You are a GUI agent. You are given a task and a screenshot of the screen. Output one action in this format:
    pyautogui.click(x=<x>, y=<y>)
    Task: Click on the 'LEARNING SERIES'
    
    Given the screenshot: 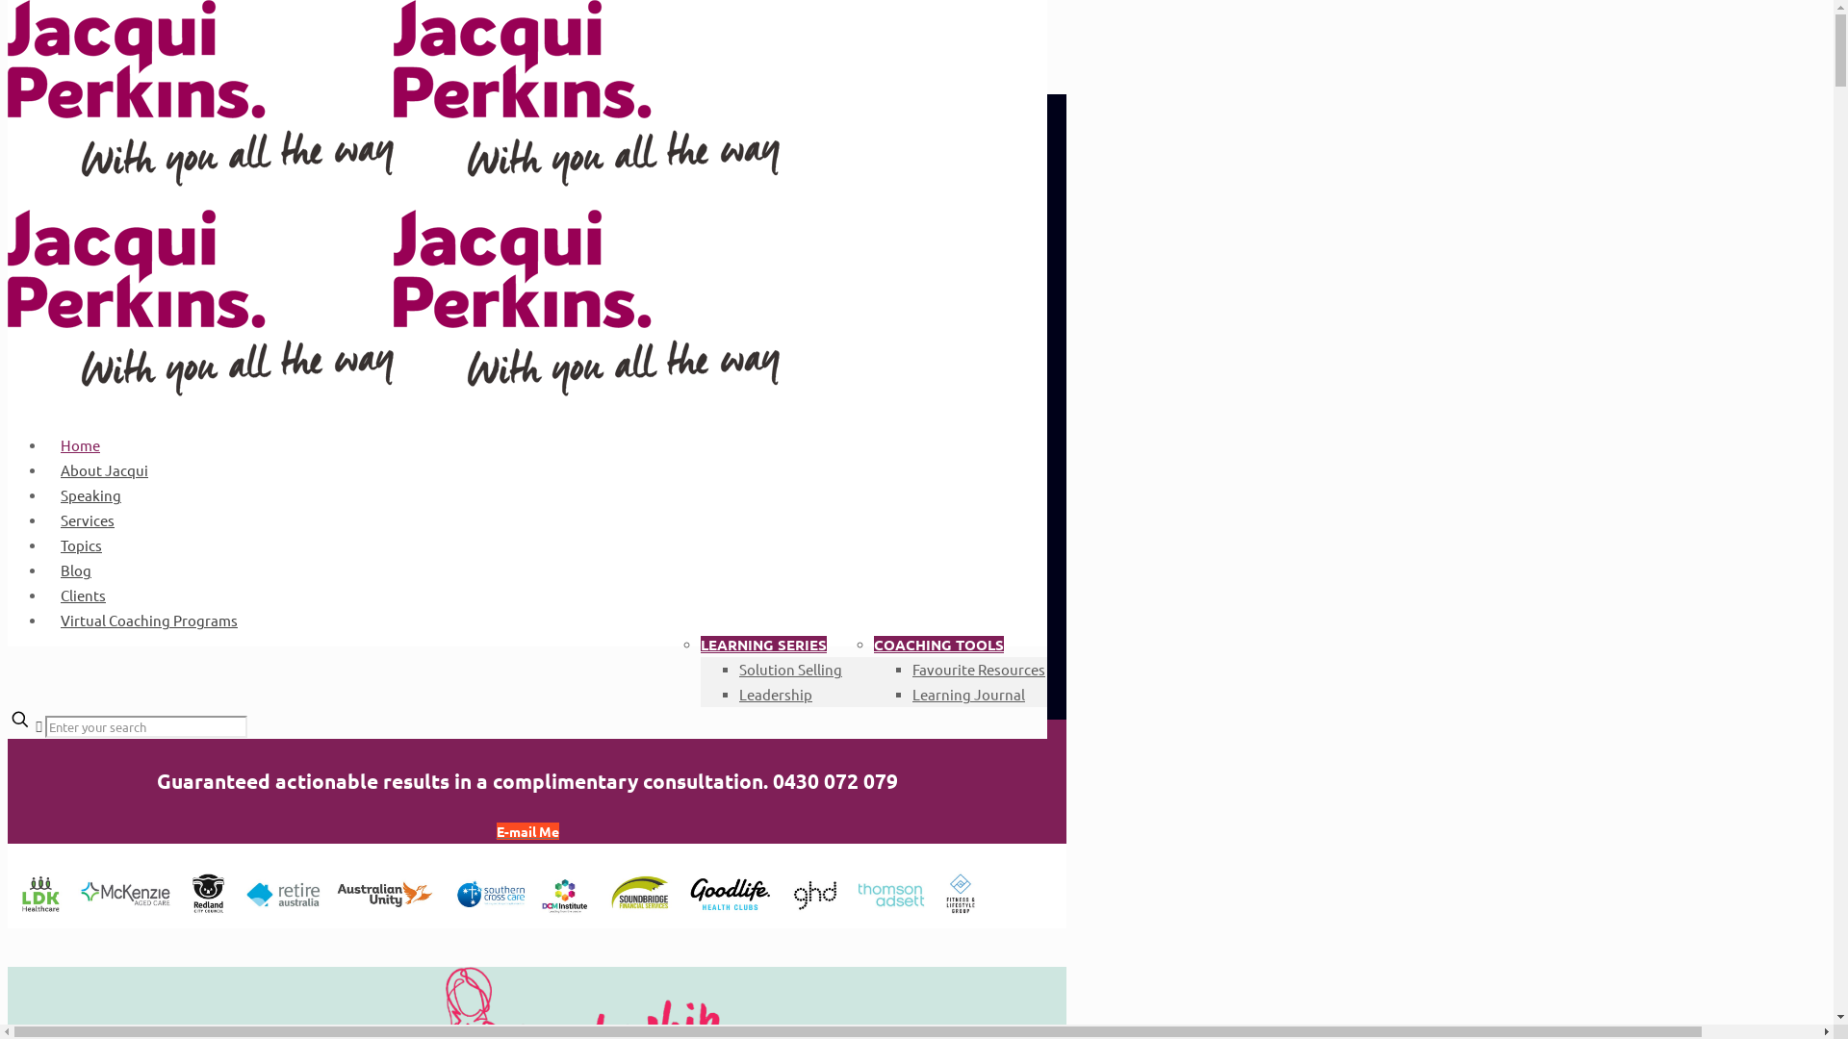 What is the action you would take?
    pyautogui.click(x=762, y=645)
    